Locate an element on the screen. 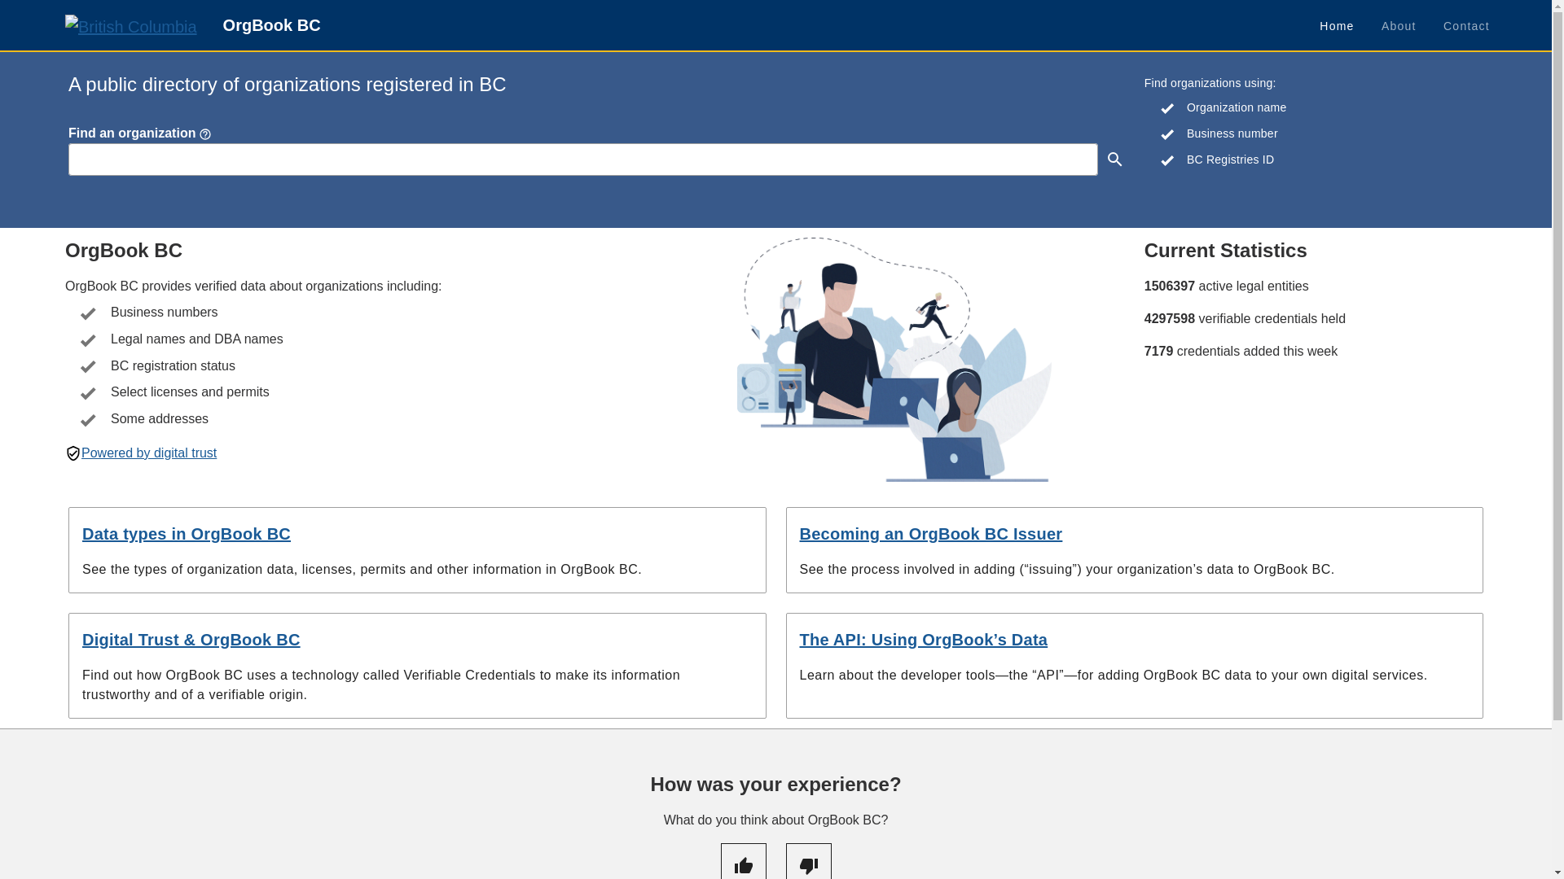  'Contact' is located at coordinates (1466, 25).